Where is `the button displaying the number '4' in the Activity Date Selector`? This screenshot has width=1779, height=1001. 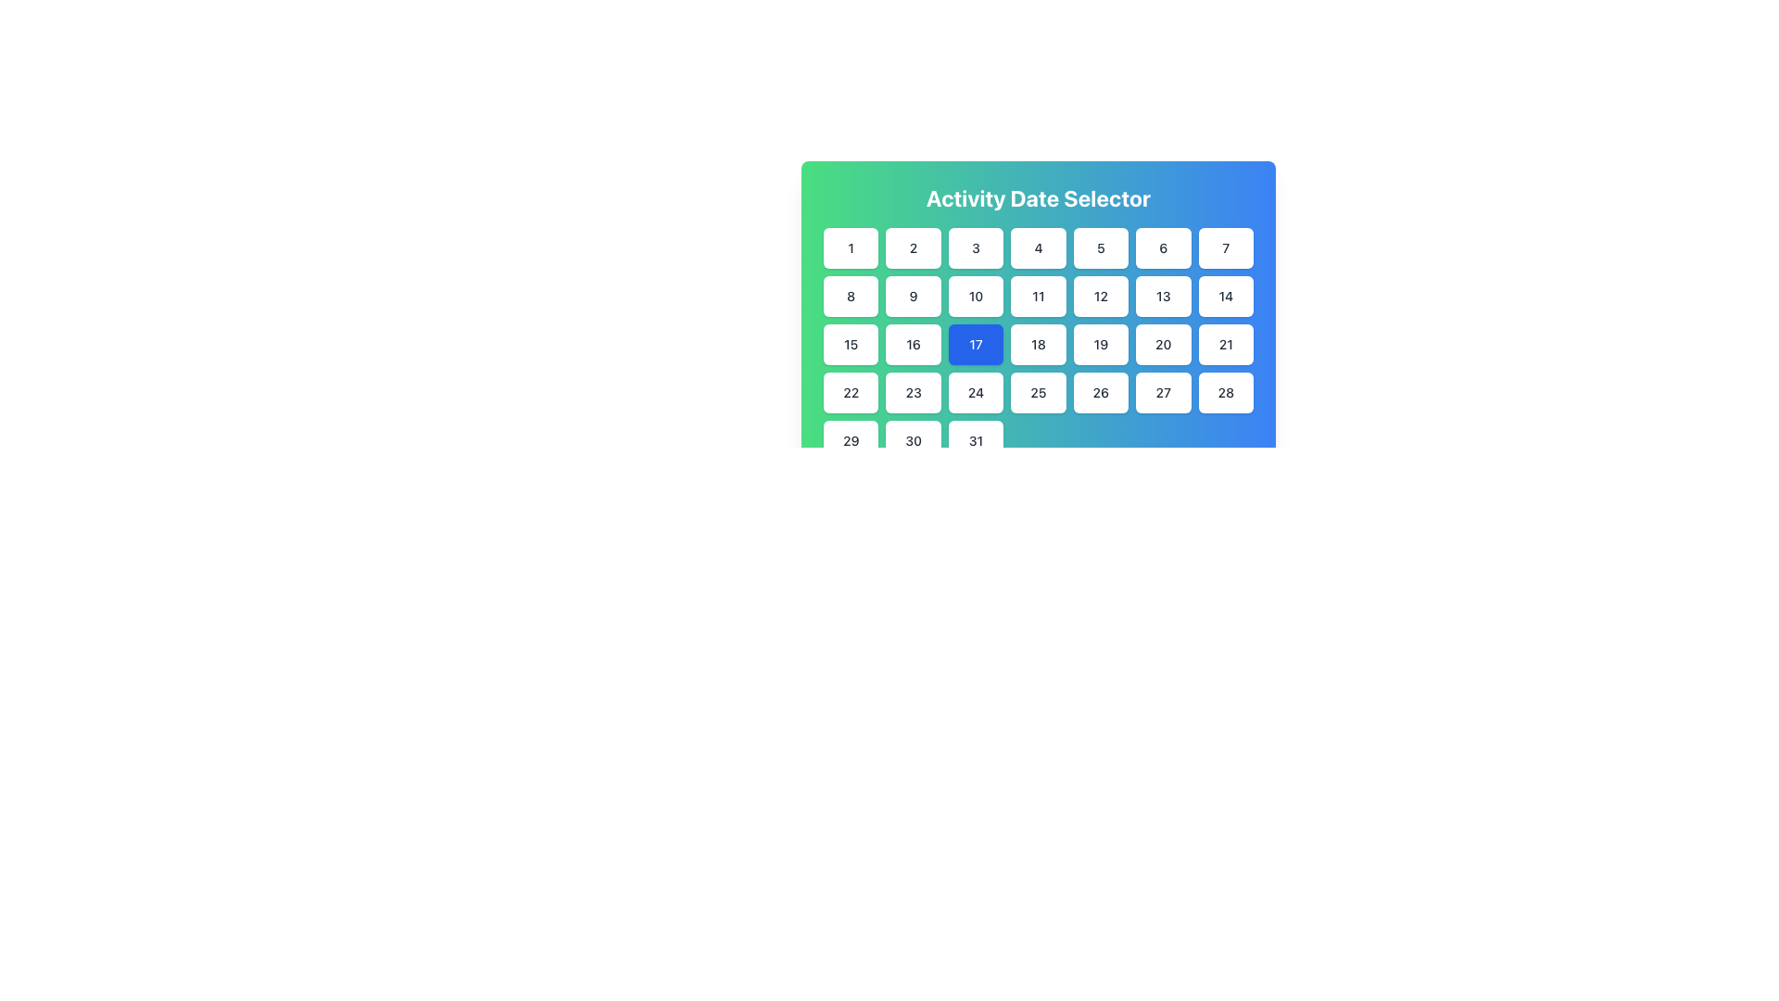 the button displaying the number '4' in the Activity Date Selector is located at coordinates (1038, 247).